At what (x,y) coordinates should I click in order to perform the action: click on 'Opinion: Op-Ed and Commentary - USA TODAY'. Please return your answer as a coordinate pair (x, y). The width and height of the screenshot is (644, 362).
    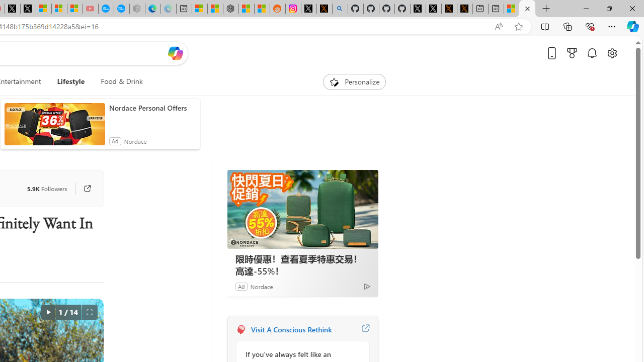
    Looking at the image, I should click on (106, 9).